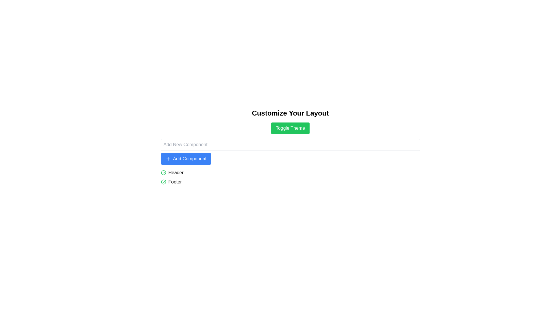  What do you see at coordinates (168, 159) in the screenshot?
I see `the SVG plus icon located within the 'Add Component' button, positioned to the left of the button's text` at bounding box center [168, 159].